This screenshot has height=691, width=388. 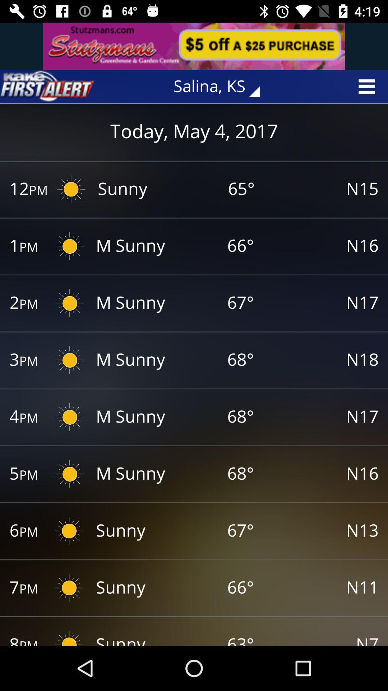 What do you see at coordinates (194, 46) in the screenshot?
I see `advertisement area` at bounding box center [194, 46].